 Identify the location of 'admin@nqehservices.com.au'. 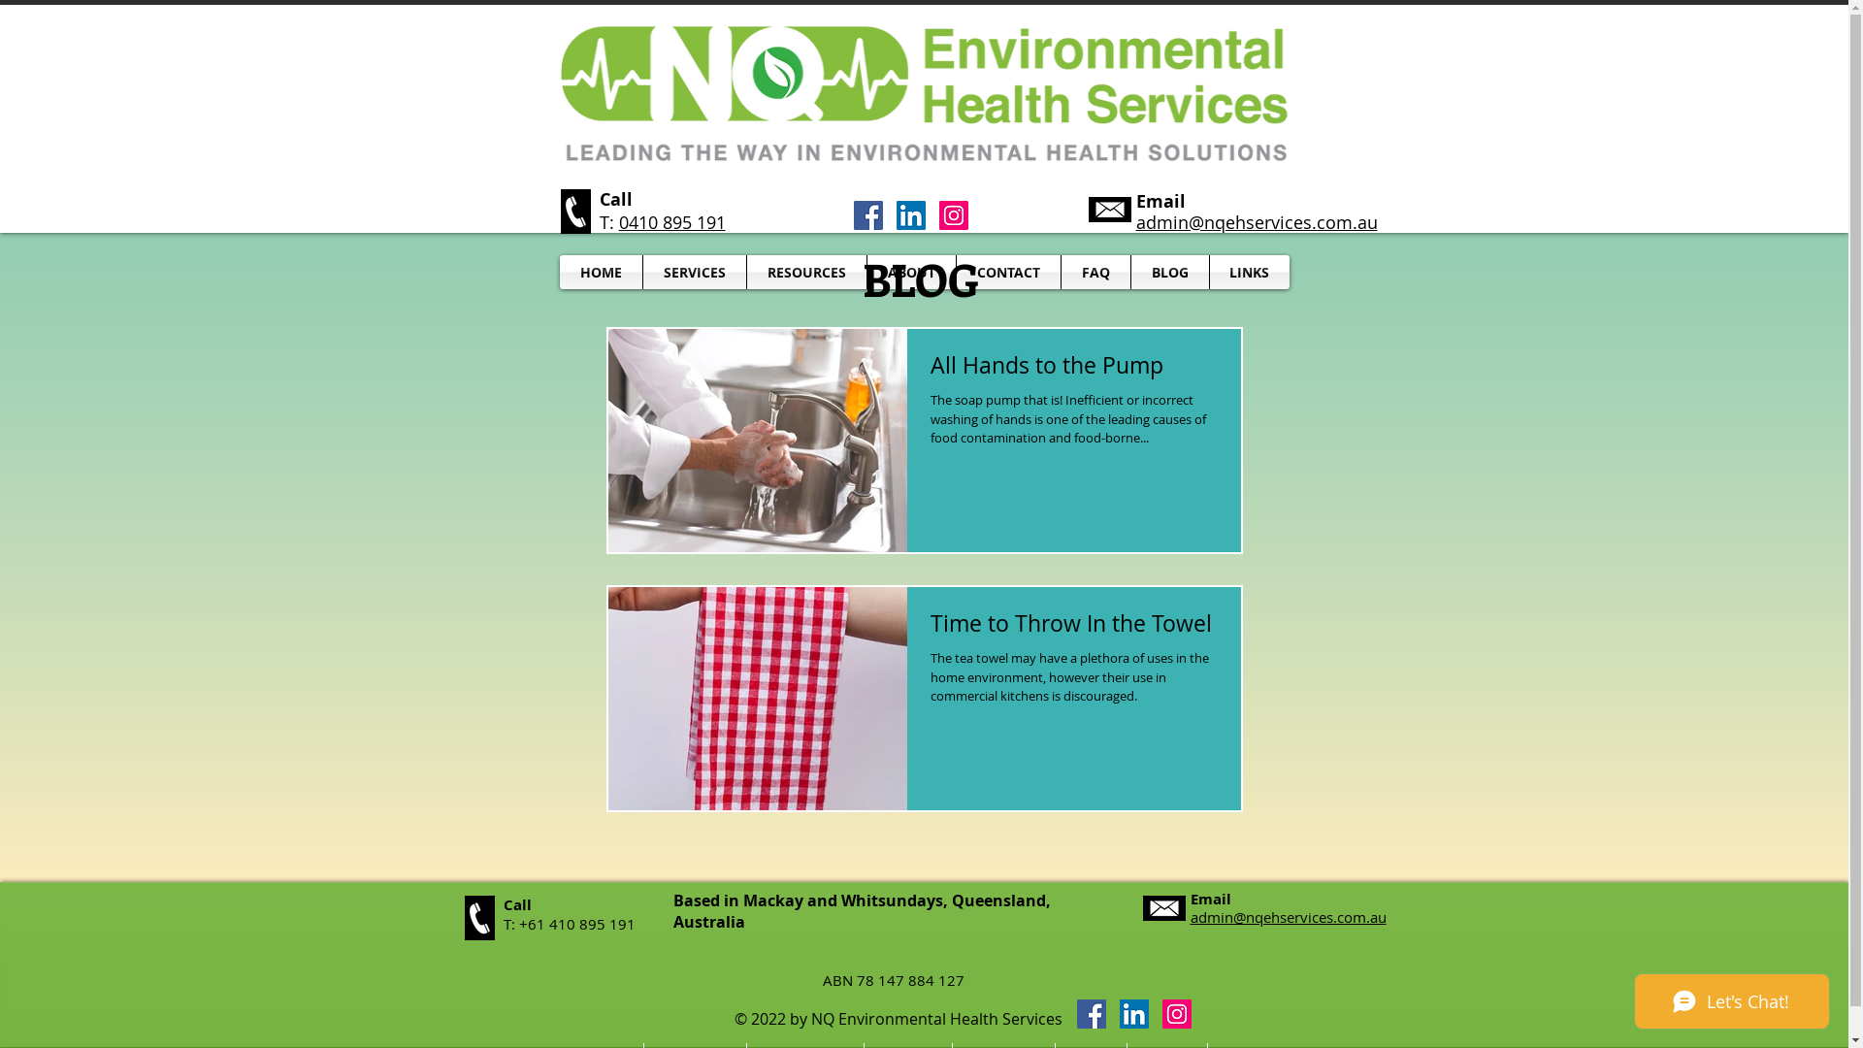
(1287, 917).